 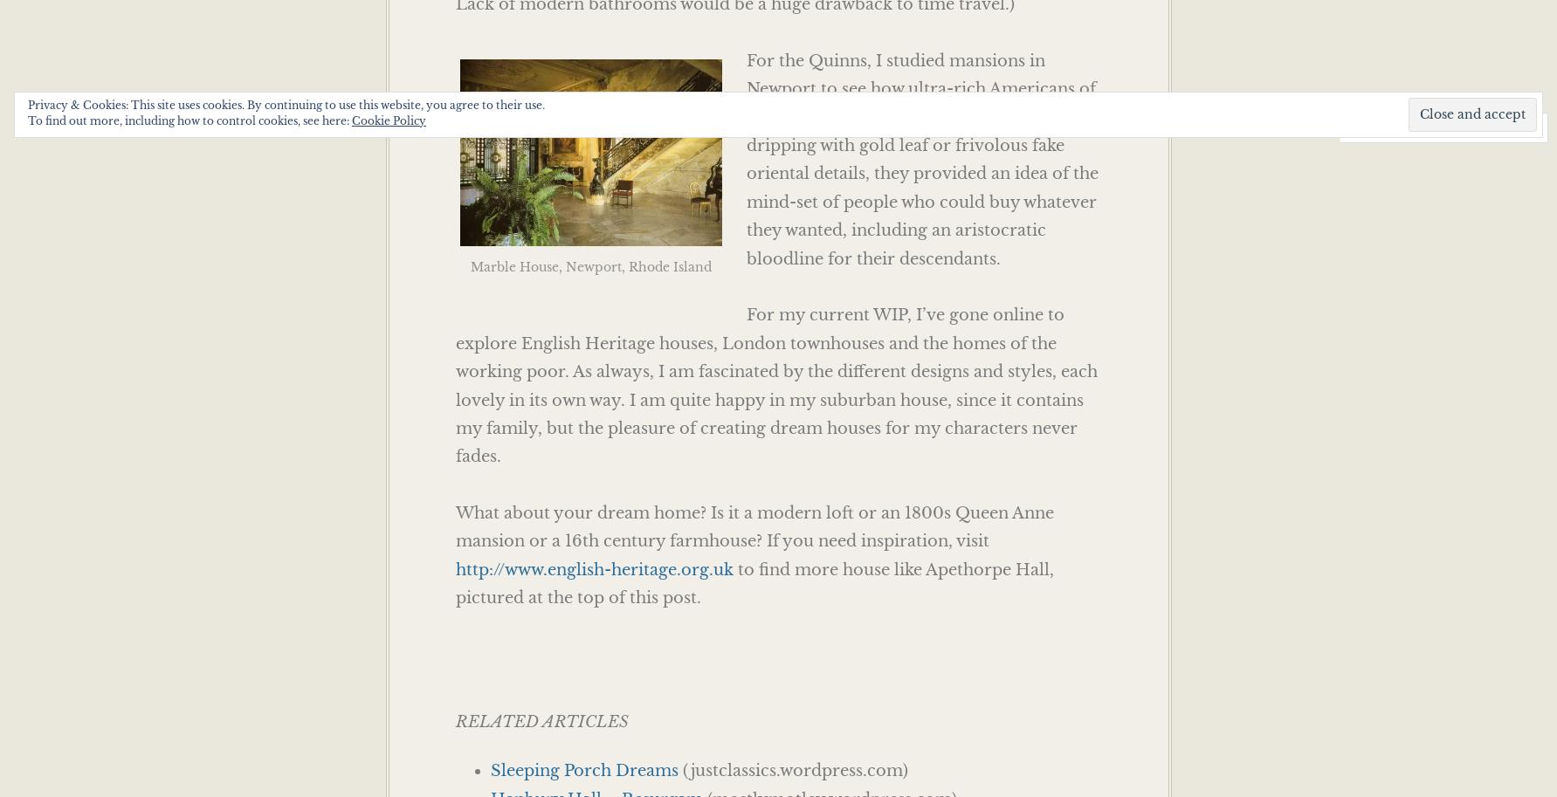 I want to click on 'Marble House, Newport, Rhode Island', so click(x=589, y=265).